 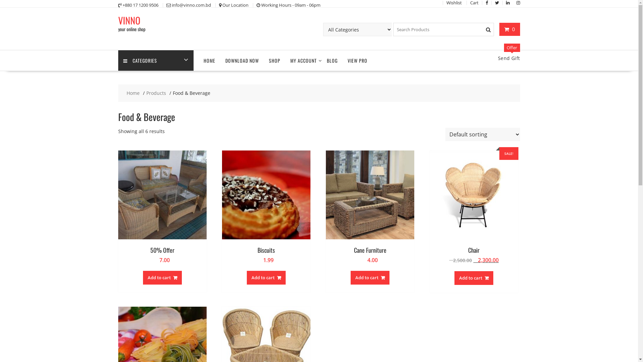 What do you see at coordinates (191, 5) in the screenshot?
I see `'info@vinno.com.bd'` at bounding box center [191, 5].